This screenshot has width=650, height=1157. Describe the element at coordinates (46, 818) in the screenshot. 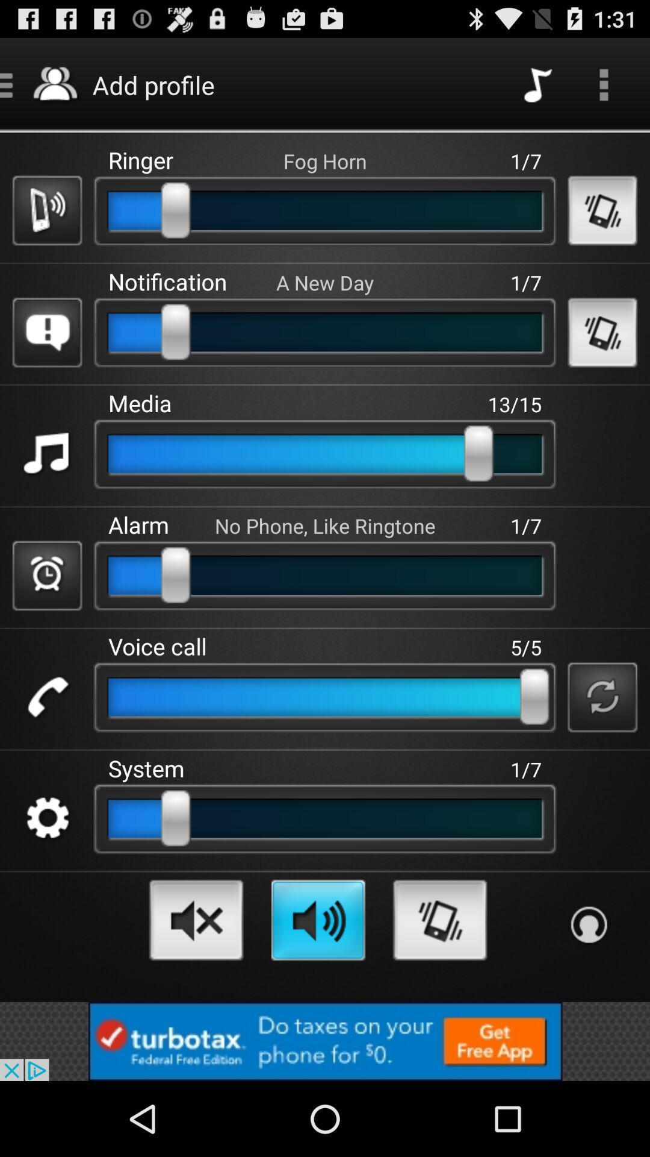

I see `configuration option` at that location.